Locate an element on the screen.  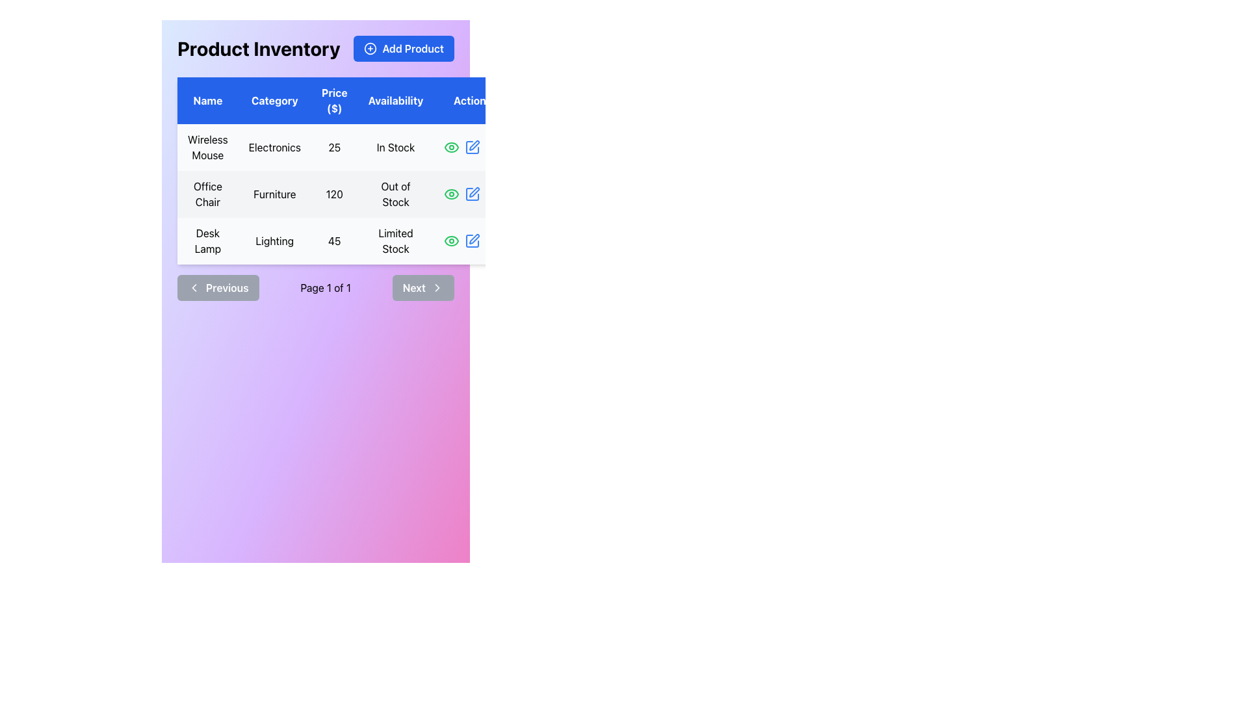
the eye outline icon with a green stroke located in the Action column of the second row in the table is located at coordinates (452, 147).